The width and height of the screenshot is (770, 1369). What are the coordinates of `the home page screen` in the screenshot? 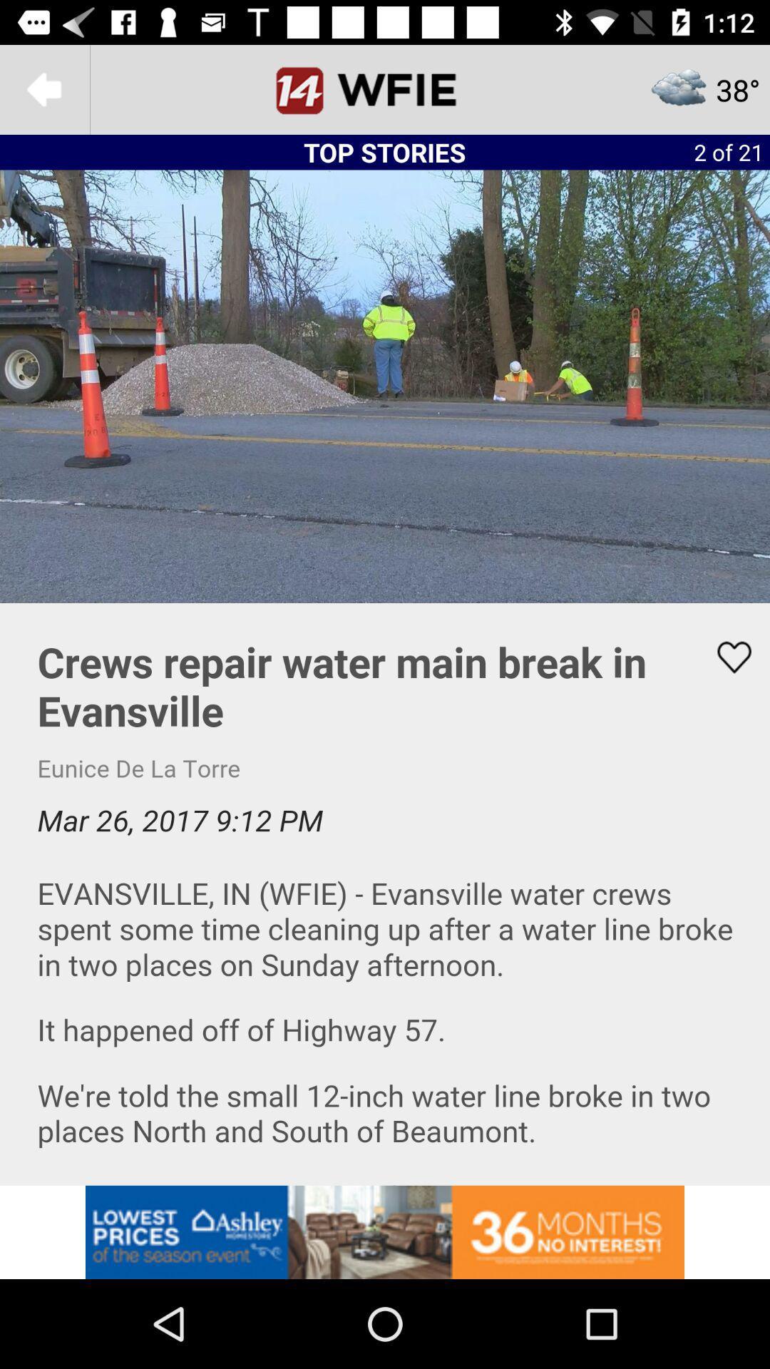 It's located at (385, 88).